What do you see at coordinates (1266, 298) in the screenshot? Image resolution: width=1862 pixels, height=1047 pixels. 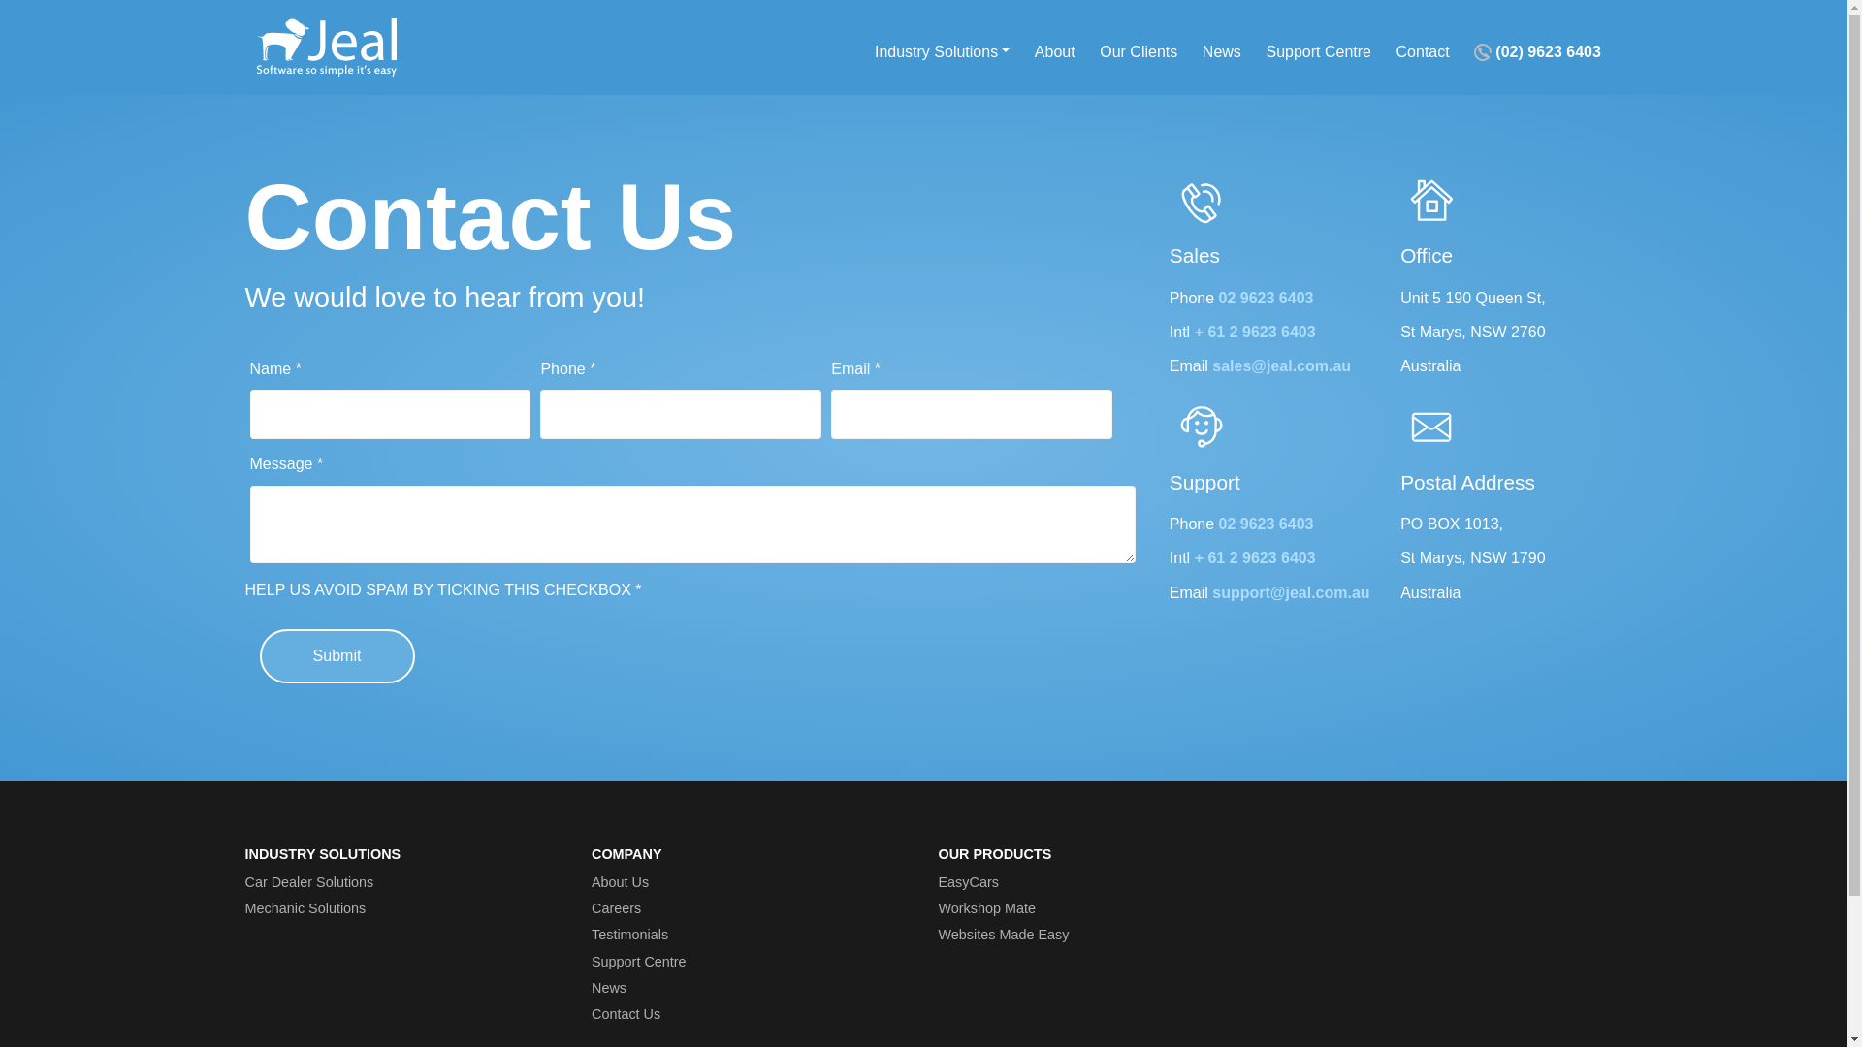 I see `'02 9623 6403'` at bounding box center [1266, 298].